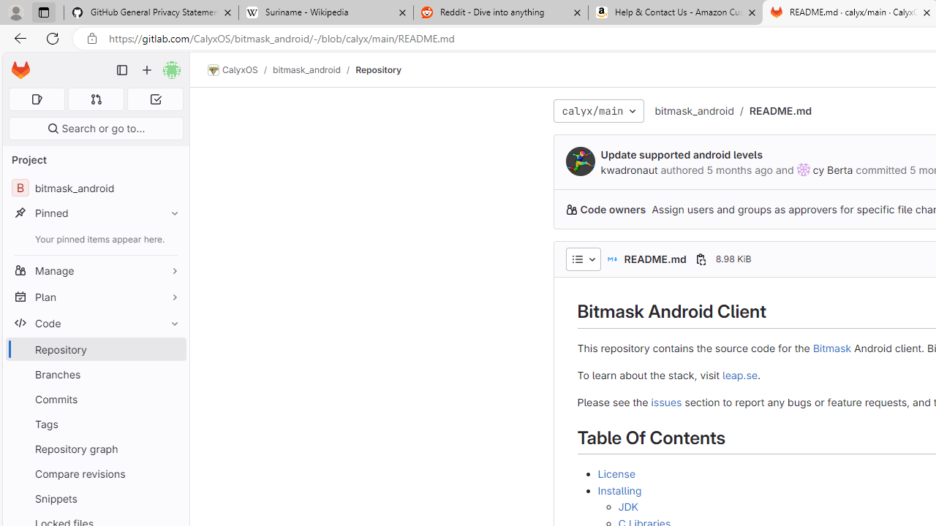 The height and width of the screenshot is (526, 936). What do you see at coordinates (700, 258) in the screenshot?
I see `'Copy file path'` at bounding box center [700, 258].